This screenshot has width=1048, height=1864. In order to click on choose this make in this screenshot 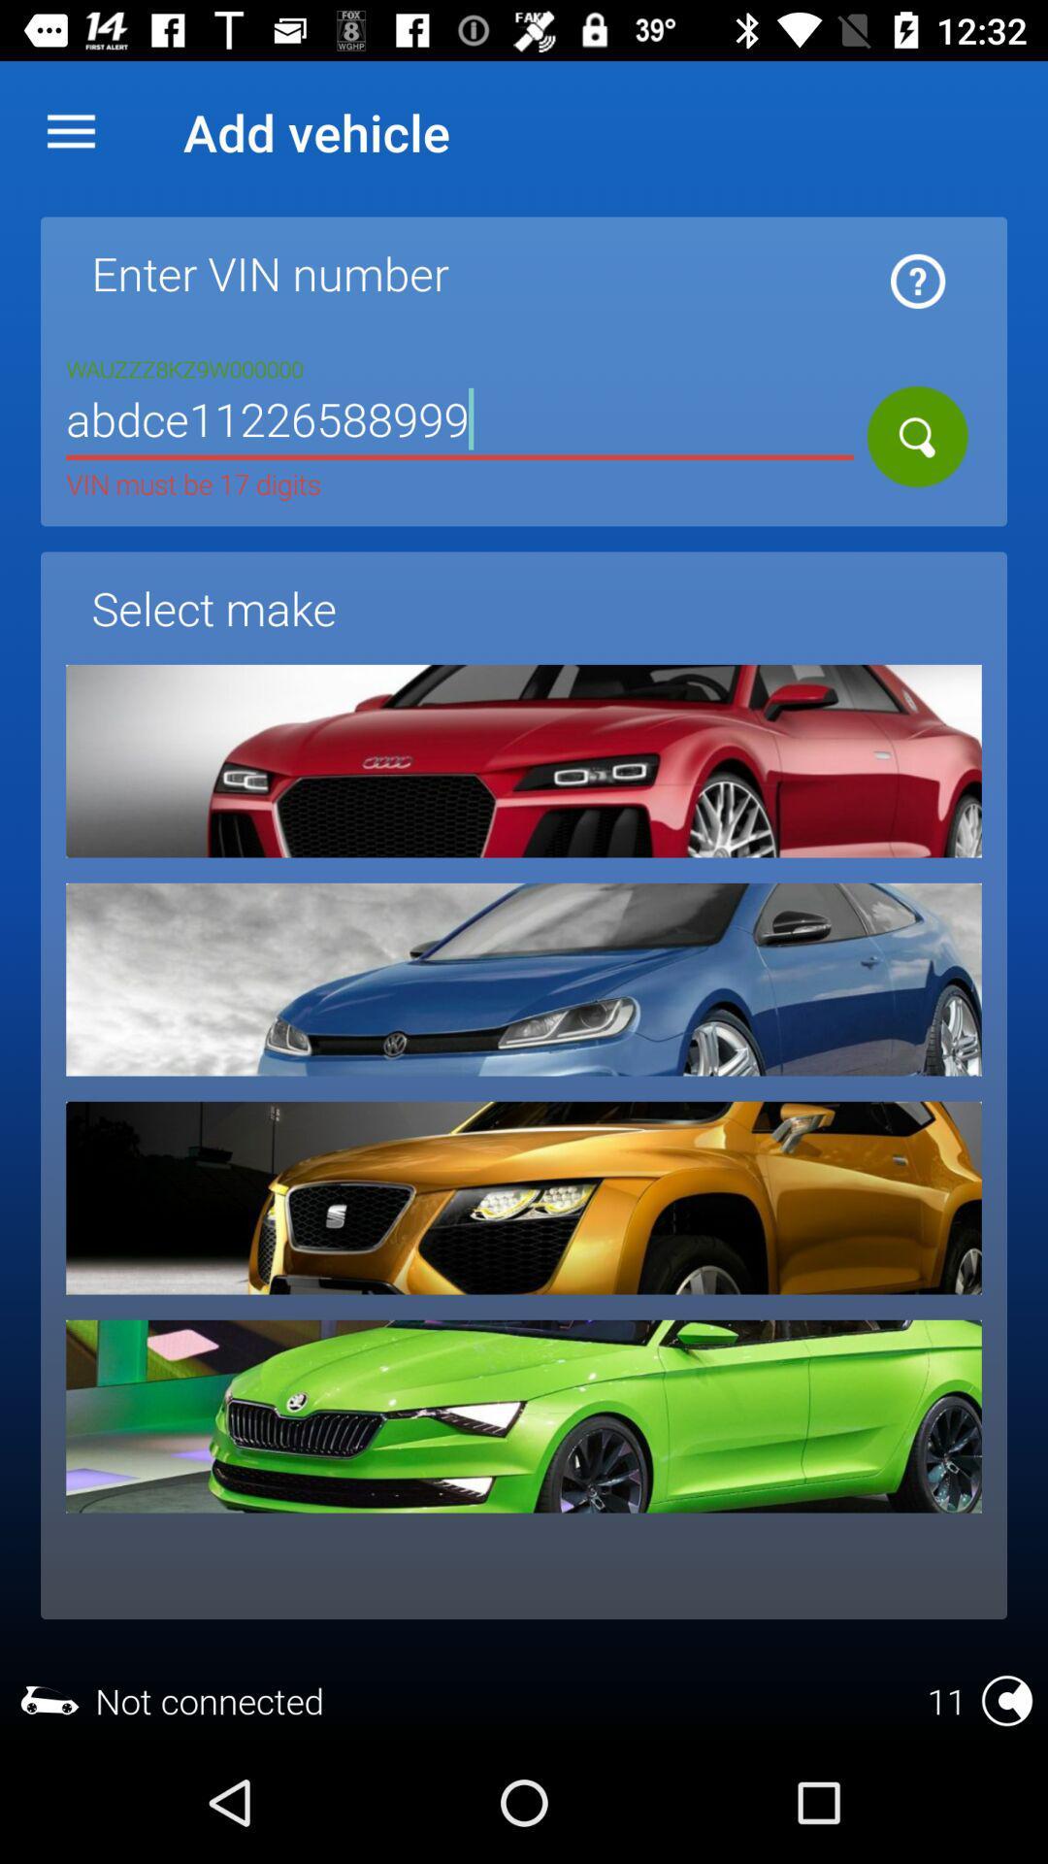, I will do `click(524, 1416)`.